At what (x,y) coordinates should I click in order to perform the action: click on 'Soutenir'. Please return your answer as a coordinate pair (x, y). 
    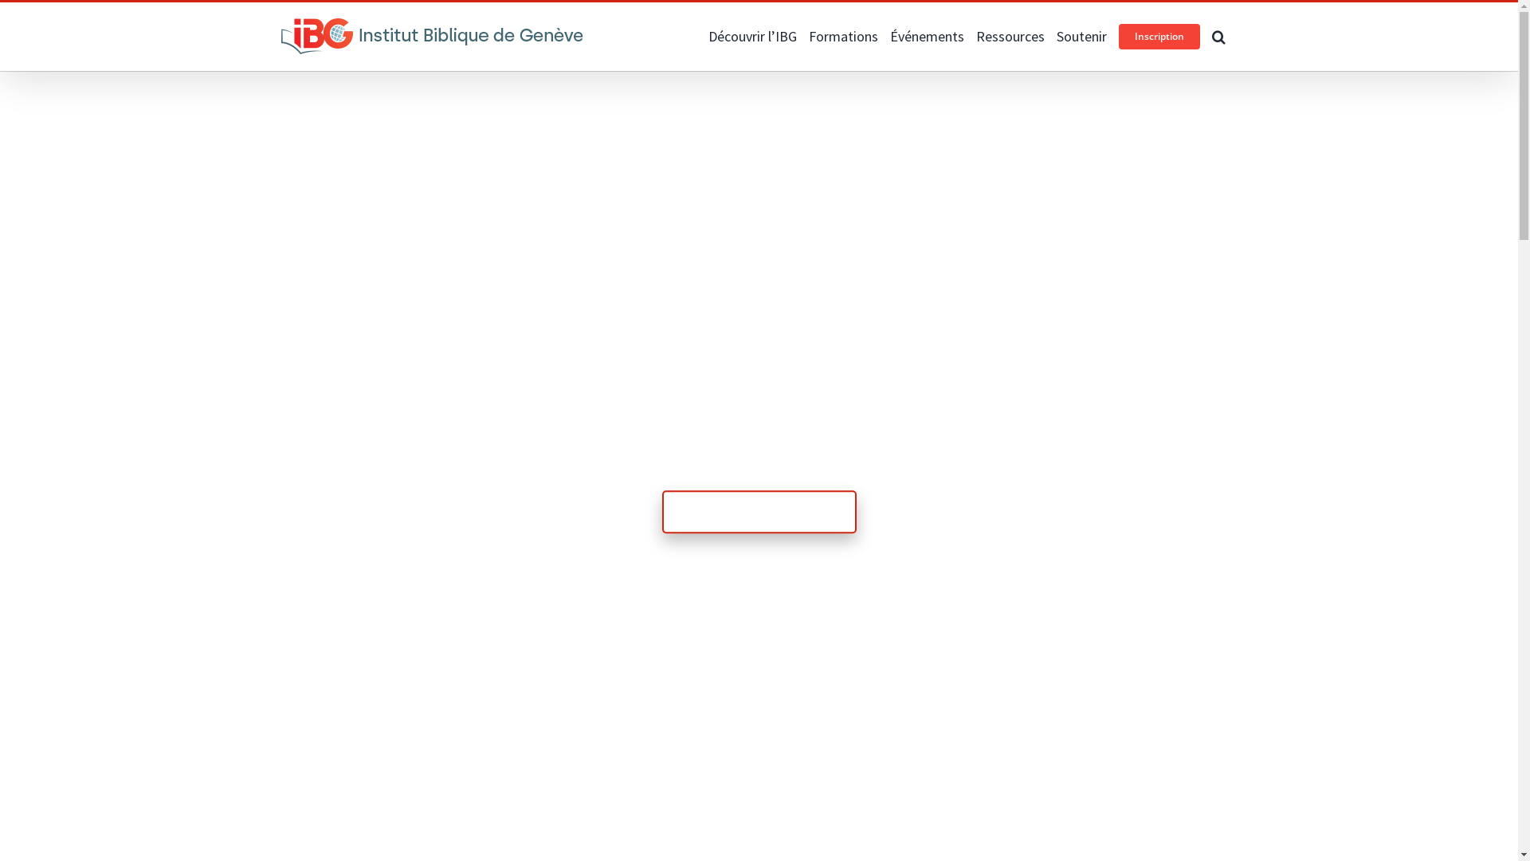
    Looking at the image, I should click on (1056, 36).